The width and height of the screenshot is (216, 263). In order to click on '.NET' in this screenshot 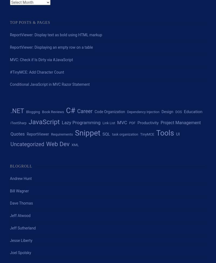, I will do `click(17, 111)`.